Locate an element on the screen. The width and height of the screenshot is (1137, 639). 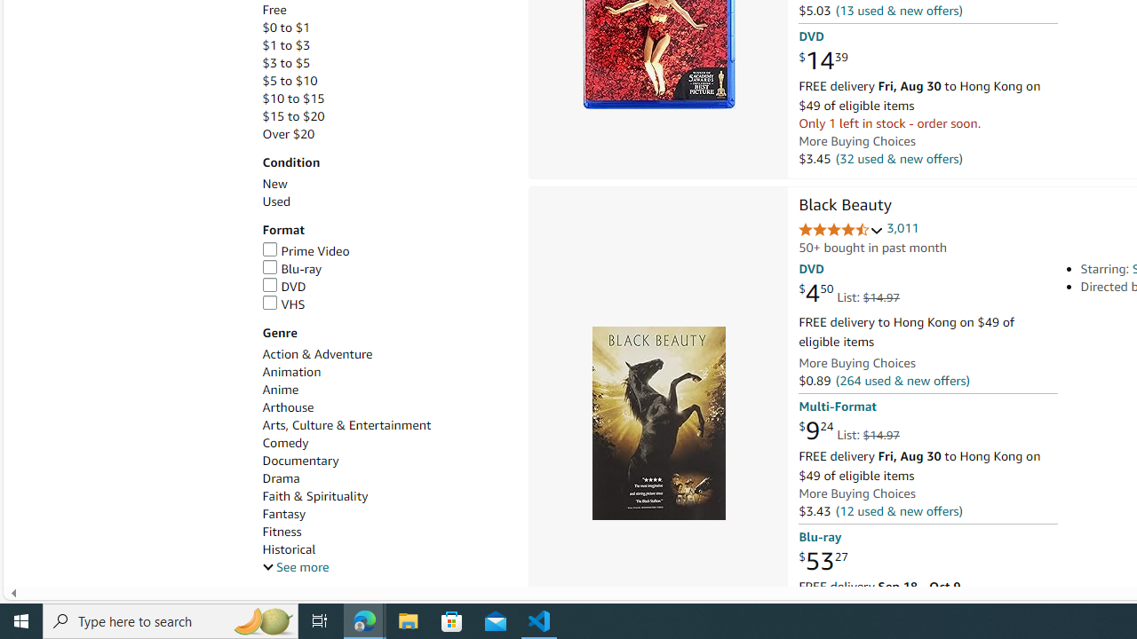
'$4.50 List: $14.97' is located at coordinates (847, 293).